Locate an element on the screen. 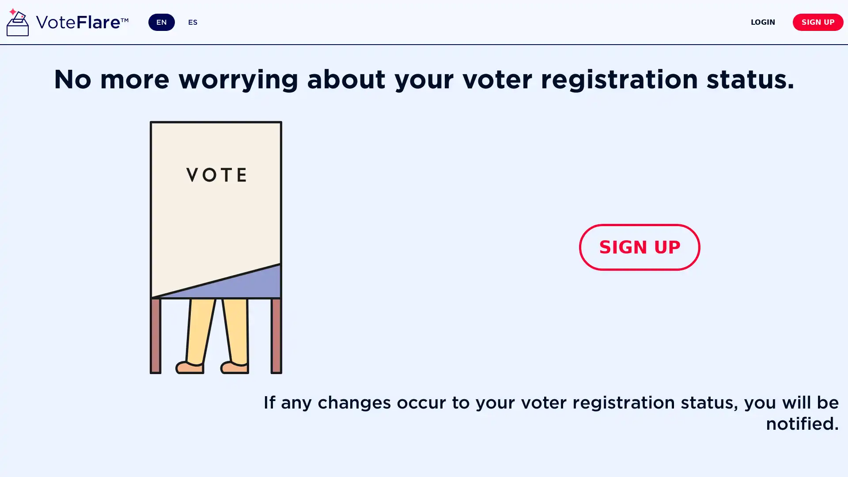 The width and height of the screenshot is (848, 477). LOGIN is located at coordinates (724, 21).